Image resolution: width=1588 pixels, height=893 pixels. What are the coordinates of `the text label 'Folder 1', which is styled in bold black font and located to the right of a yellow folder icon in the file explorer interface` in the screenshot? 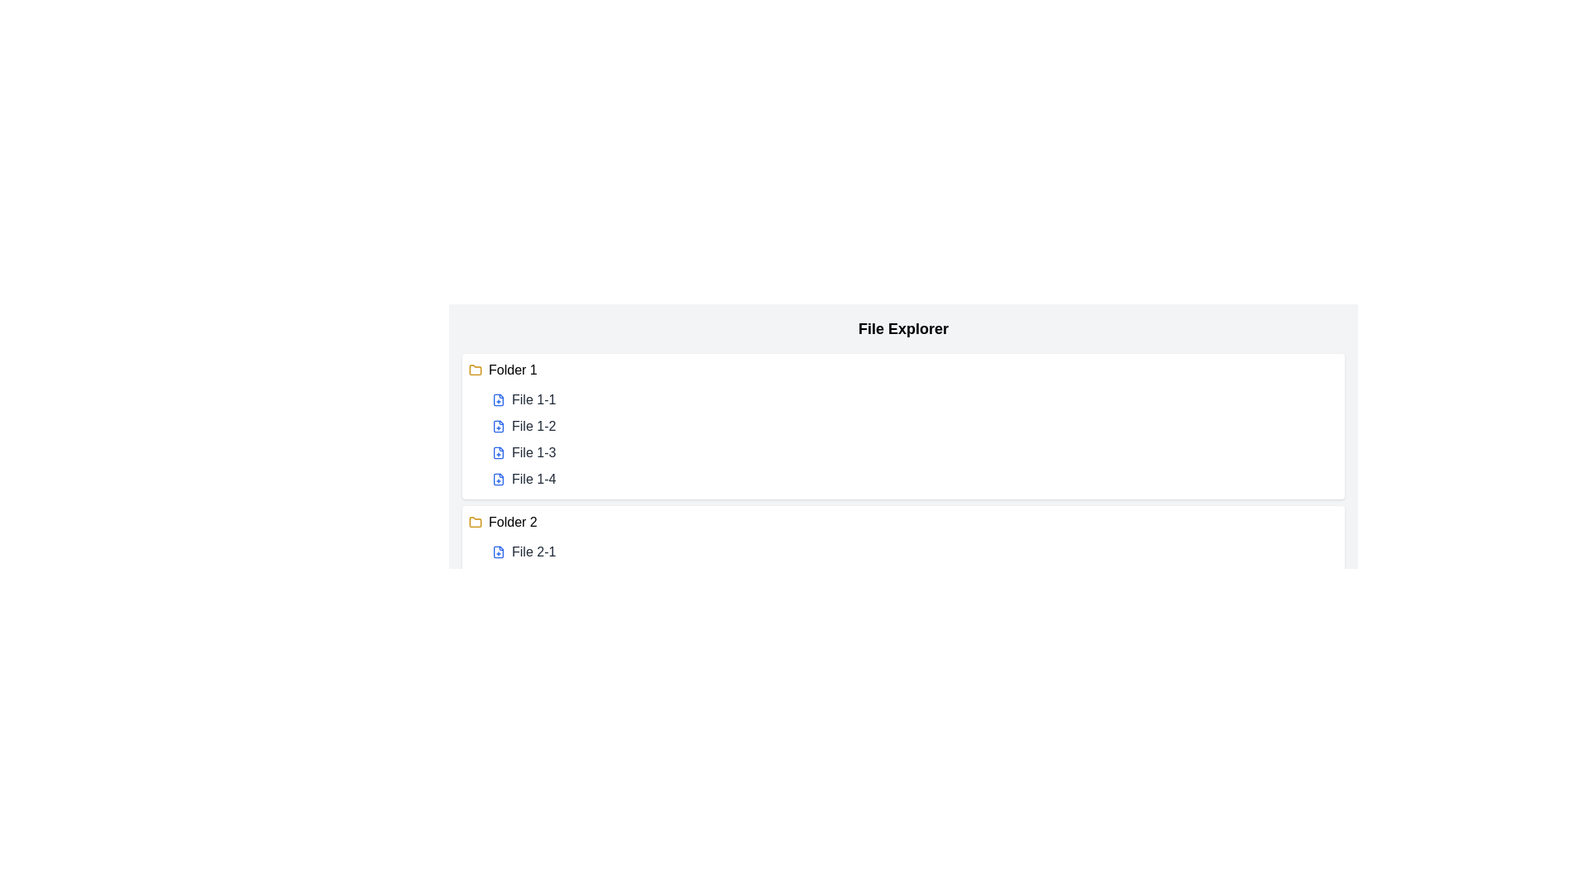 It's located at (512, 369).